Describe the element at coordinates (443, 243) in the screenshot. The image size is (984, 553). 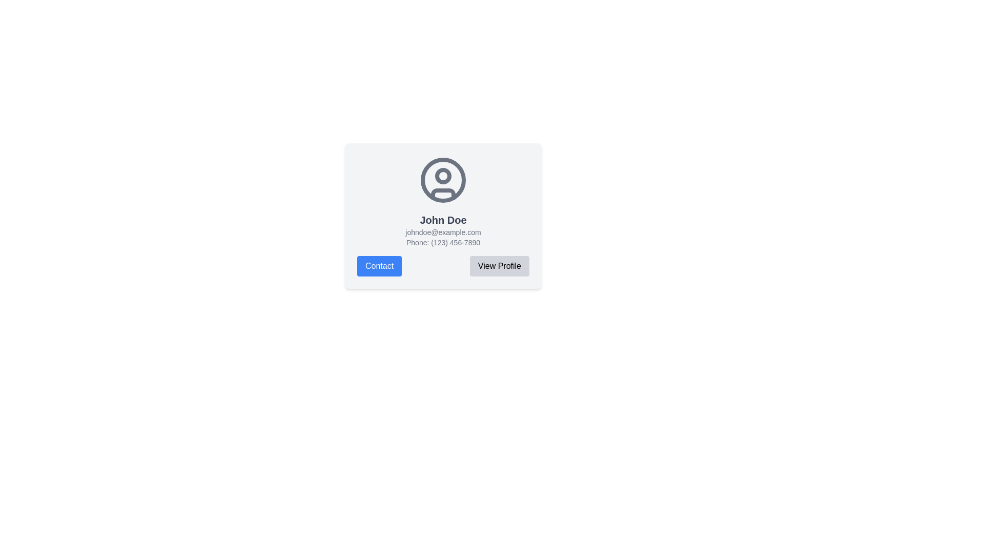
I see `the text label displaying 'Phone: (123) 456-7890', which is styled in gray and located below the email address 'johndoe@example.com' in the profile card` at that location.